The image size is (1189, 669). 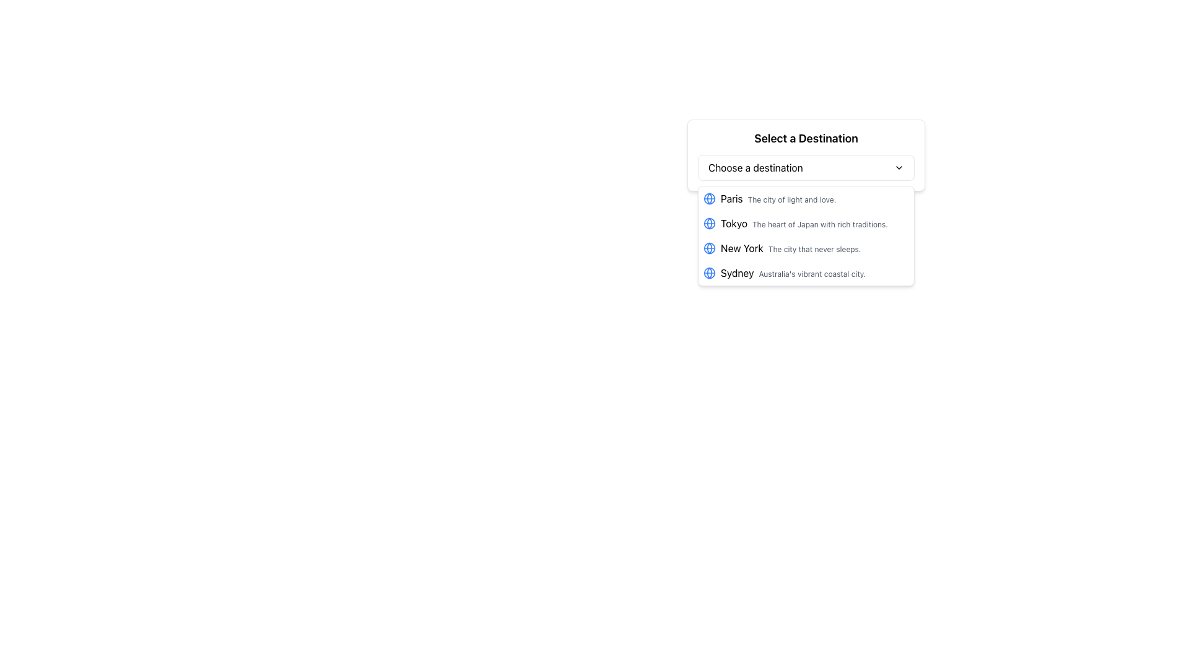 What do you see at coordinates (710, 224) in the screenshot?
I see `the circular globe icon that visually represents the option labeled 'Tokyo' in the dropdown menu` at bounding box center [710, 224].